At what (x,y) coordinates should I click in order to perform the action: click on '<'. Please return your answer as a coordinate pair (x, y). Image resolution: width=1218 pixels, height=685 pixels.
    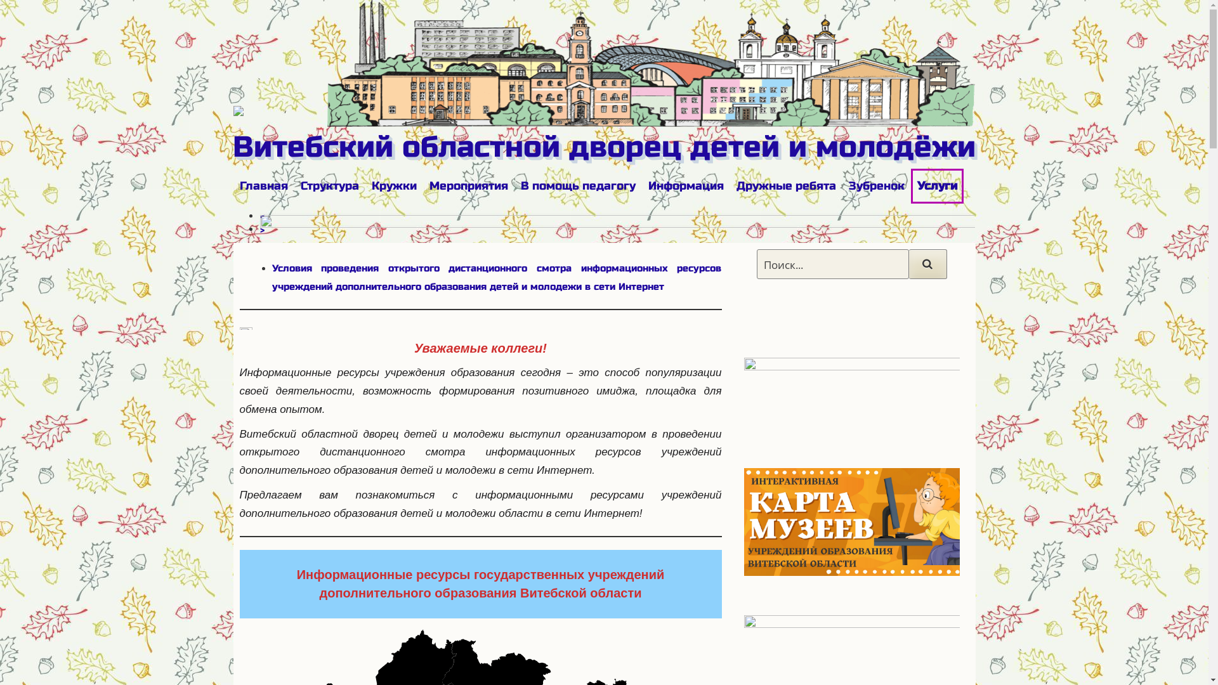
    Looking at the image, I should click on (261, 216).